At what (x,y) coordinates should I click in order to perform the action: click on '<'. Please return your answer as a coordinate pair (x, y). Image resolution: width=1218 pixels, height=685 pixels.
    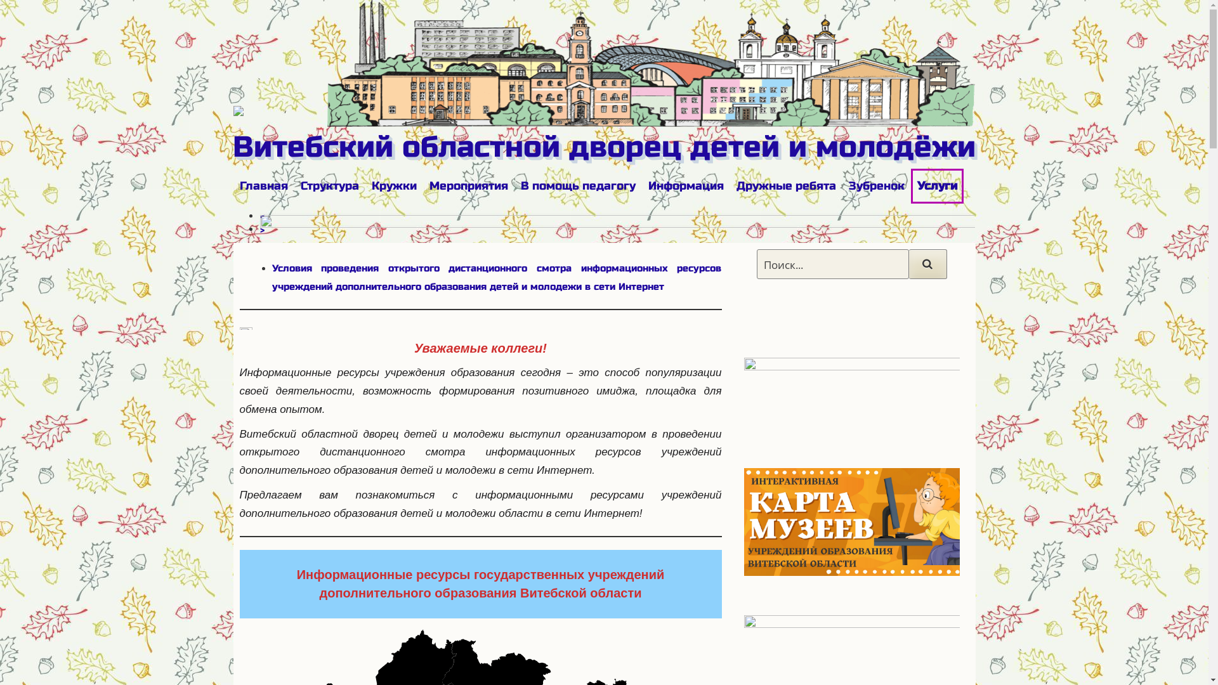
    Looking at the image, I should click on (261, 216).